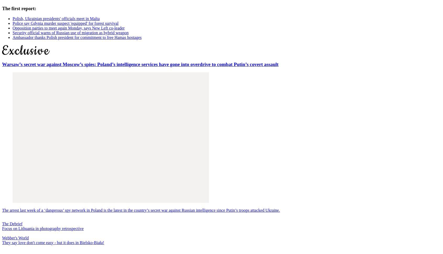  I want to click on 'The arrest last week of a ‘dangerous’ spy network in Poland is the latest in the country’s secret war against Russian intelligence since Putin’s troops attacked Ukraine.', so click(141, 210).